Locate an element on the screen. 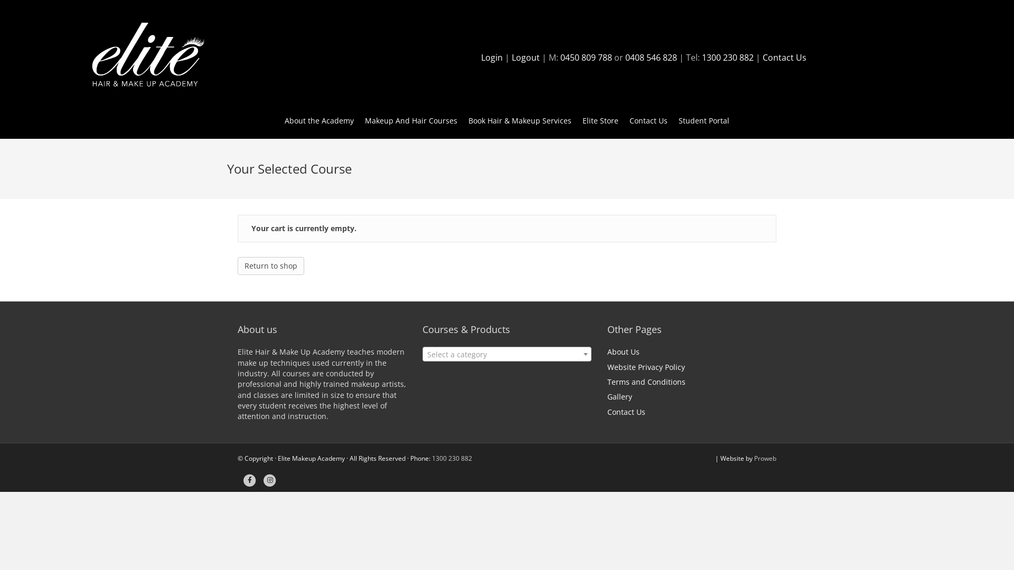 The height and width of the screenshot is (570, 1014). '1300 230 882' is located at coordinates (727, 57).